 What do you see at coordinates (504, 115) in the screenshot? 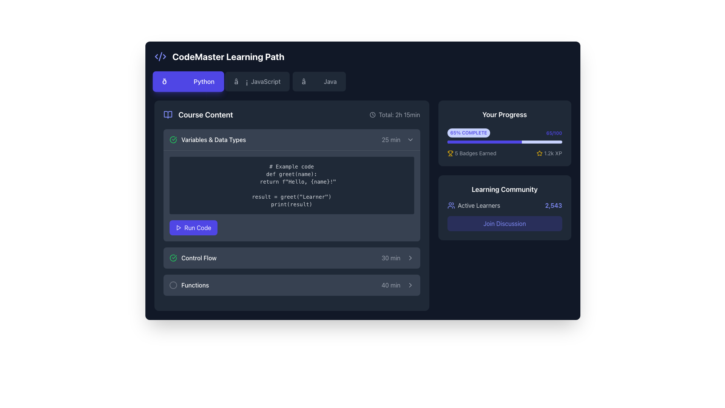
I see `the text block displaying 'Your Progress', which is prominently styled in bold white font against a dark background, located at the top right section of the interface` at bounding box center [504, 115].